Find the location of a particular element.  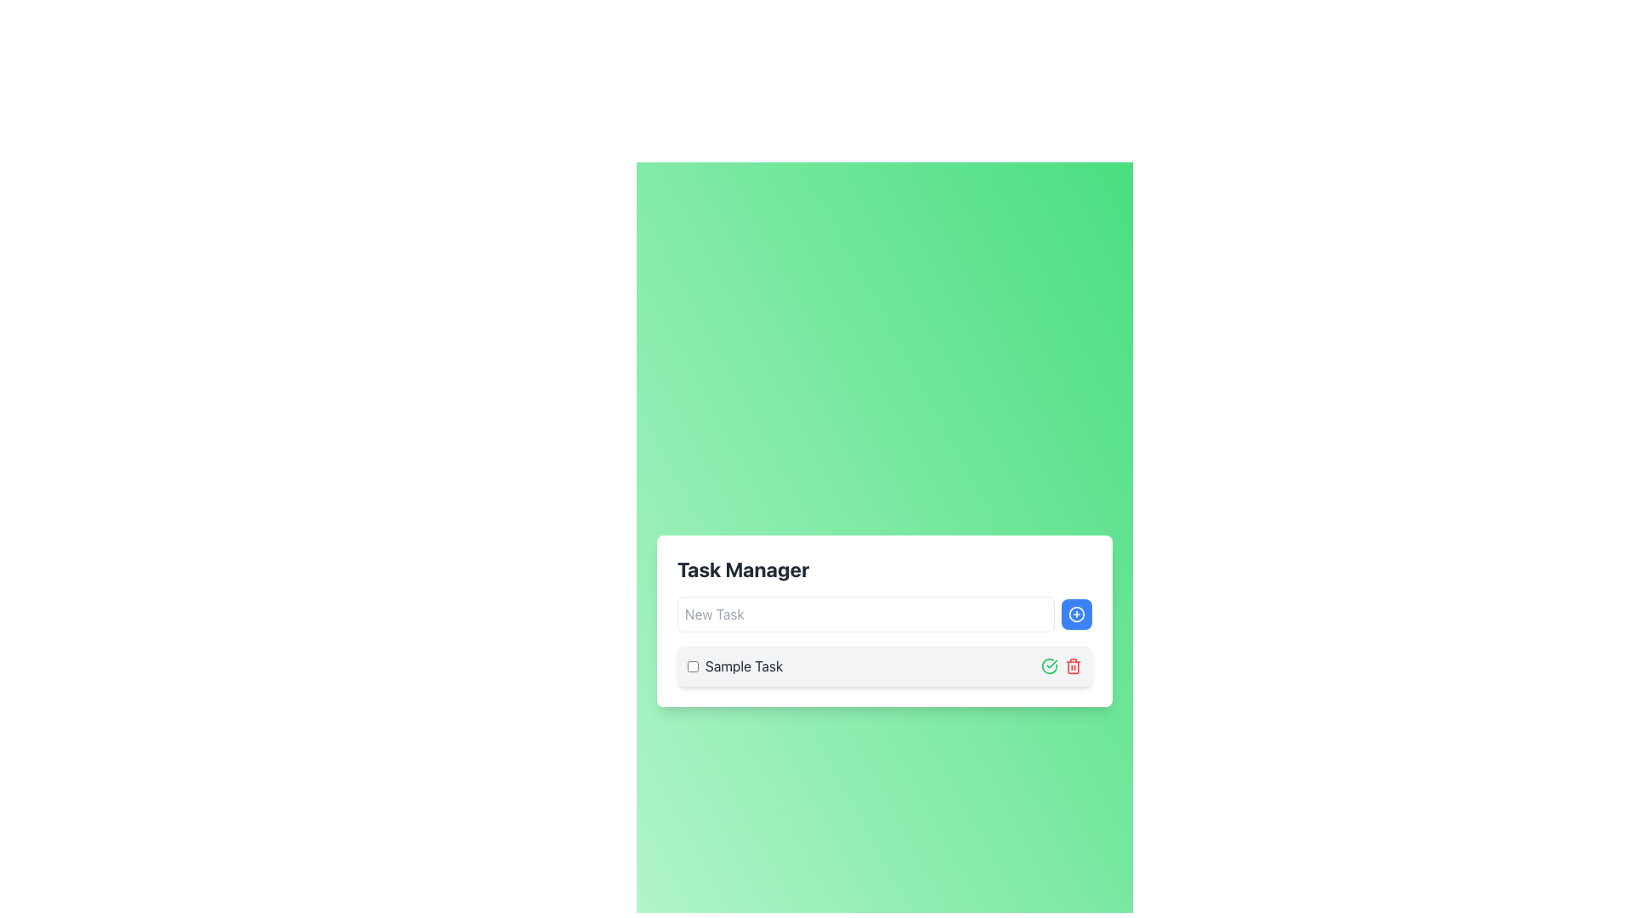

the blue button with a white circular plus icon is located at coordinates (1076, 614).